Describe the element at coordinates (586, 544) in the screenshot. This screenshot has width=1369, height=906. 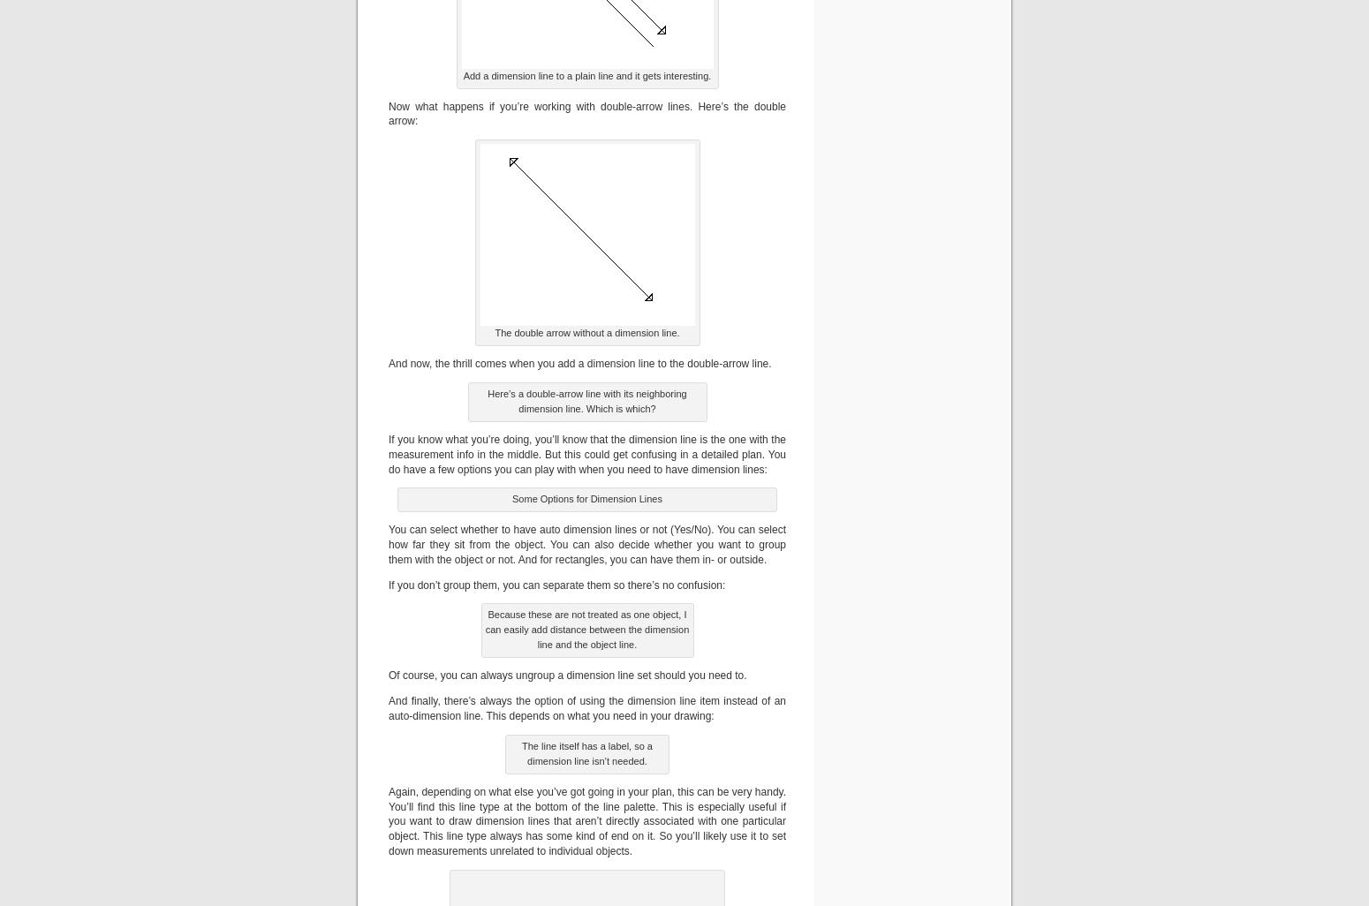
I see `'You can select whether to have auto dimension lines or not (Yes/No). You can select how far they sit from the object. You can also decide whether you want to group them with the object or not. And for rectangles, you can have them in- or outside.'` at that location.